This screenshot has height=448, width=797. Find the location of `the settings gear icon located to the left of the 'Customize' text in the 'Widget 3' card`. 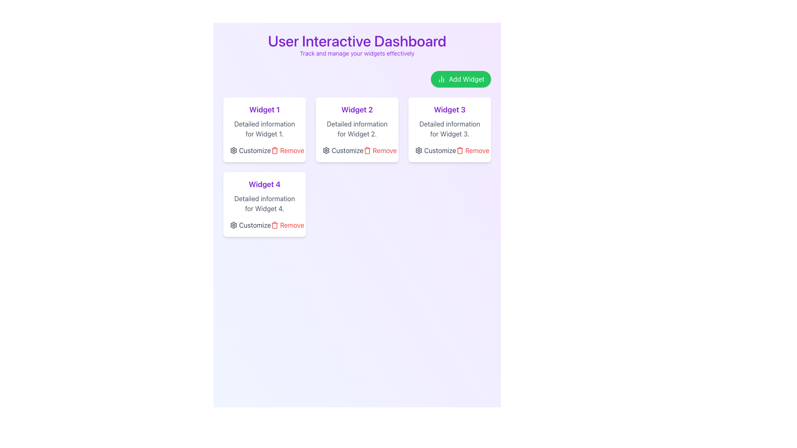

the settings gear icon located to the left of the 'Customize' text in the 'Widget 3' card is located at coordinates (418, 150).